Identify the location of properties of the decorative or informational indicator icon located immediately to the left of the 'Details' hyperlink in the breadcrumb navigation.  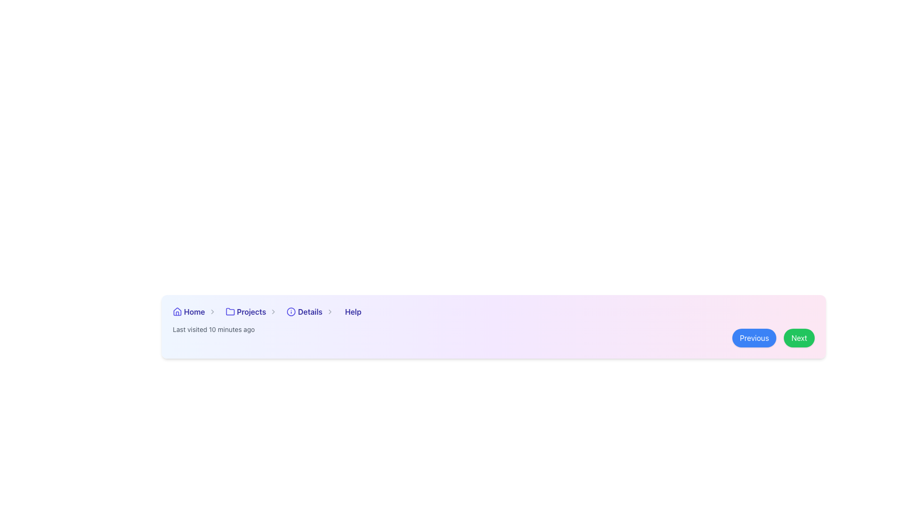
(291, 312).